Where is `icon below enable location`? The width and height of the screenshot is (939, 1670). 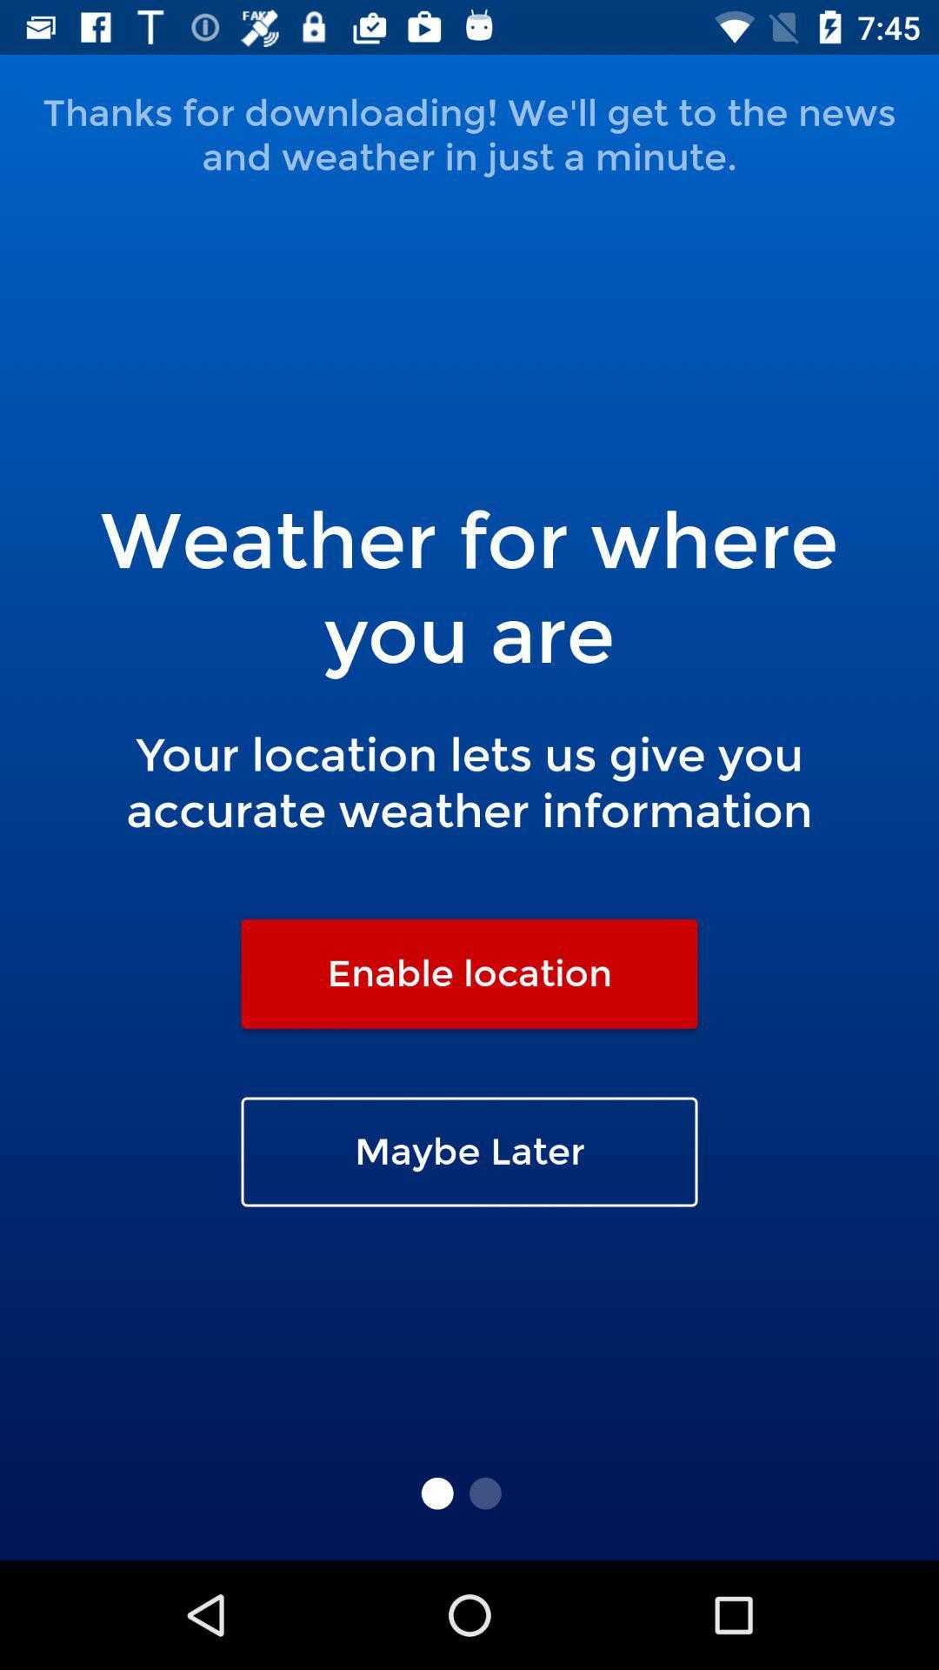 icon below enable location is located at coordinates (469, 1152).